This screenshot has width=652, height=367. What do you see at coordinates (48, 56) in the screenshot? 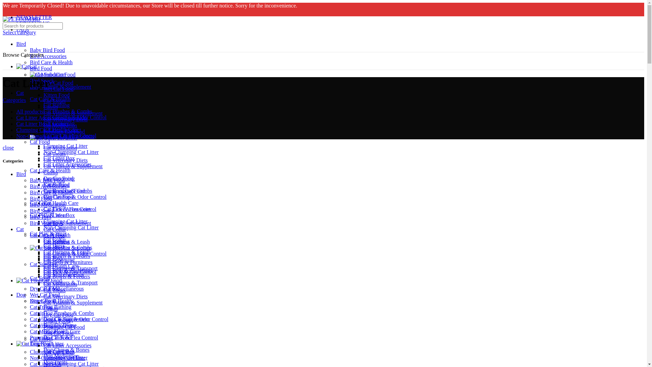
I see `'Bird Accessories'` at bounding box center [48, 56].